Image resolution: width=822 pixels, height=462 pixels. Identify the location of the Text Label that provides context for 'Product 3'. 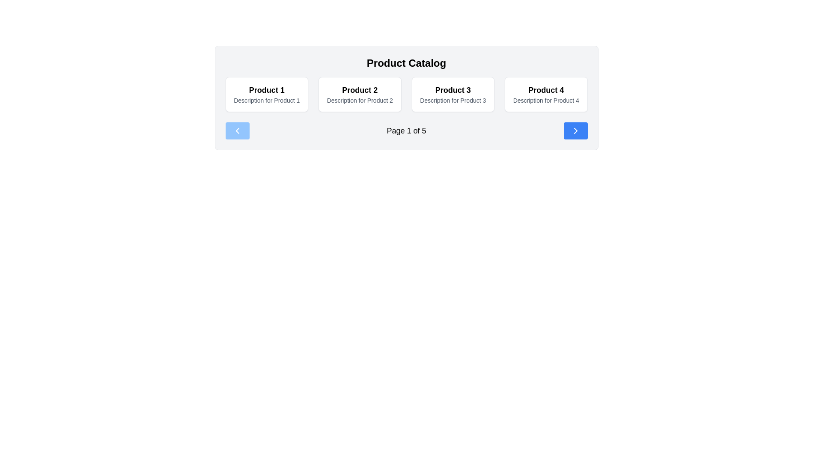
(453, 100).